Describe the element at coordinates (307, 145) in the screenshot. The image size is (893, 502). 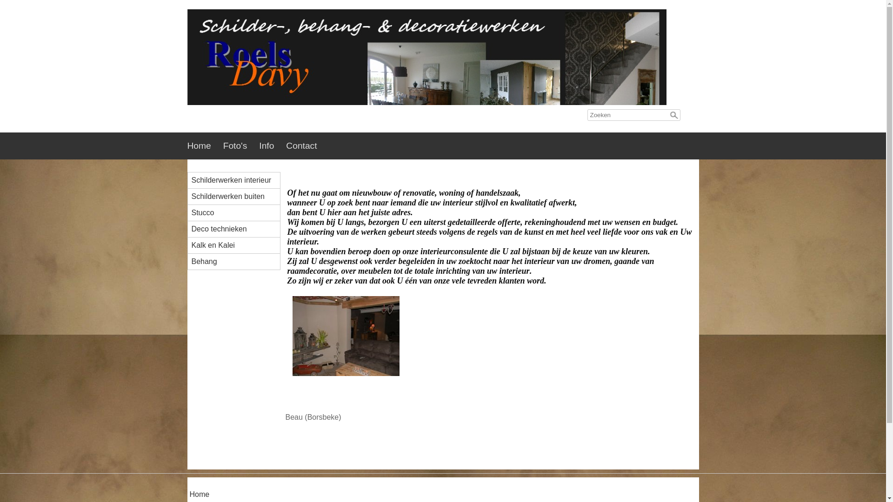
I see `'Contact'` at that location.